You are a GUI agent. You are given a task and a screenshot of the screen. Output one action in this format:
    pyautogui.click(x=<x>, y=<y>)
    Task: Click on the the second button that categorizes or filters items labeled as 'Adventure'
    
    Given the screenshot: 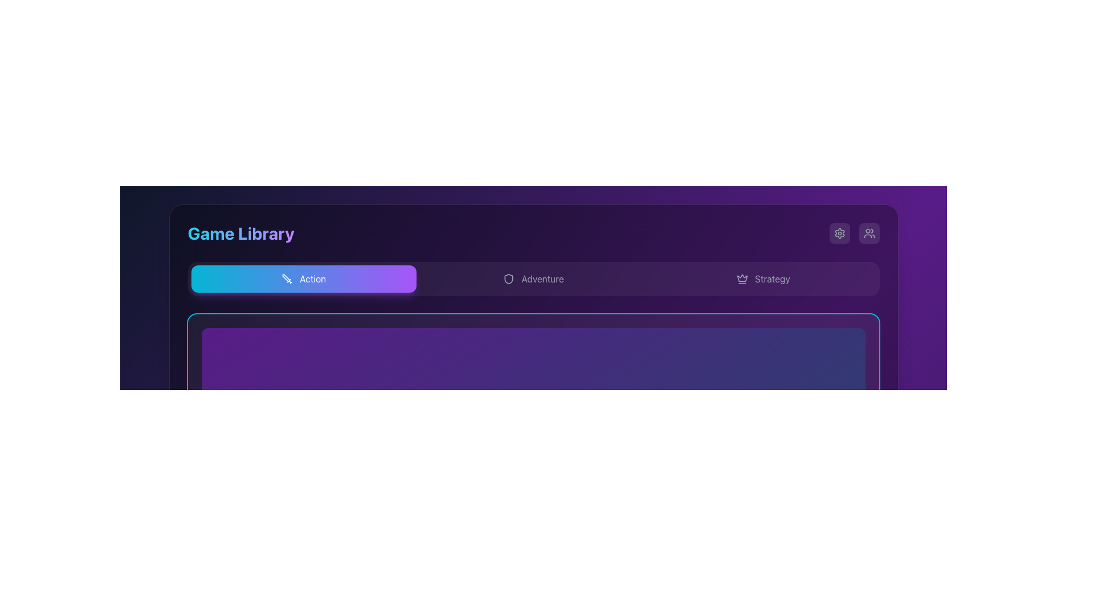 What is the action you would take?
    pyautogui.click(x=533, y=278)
    